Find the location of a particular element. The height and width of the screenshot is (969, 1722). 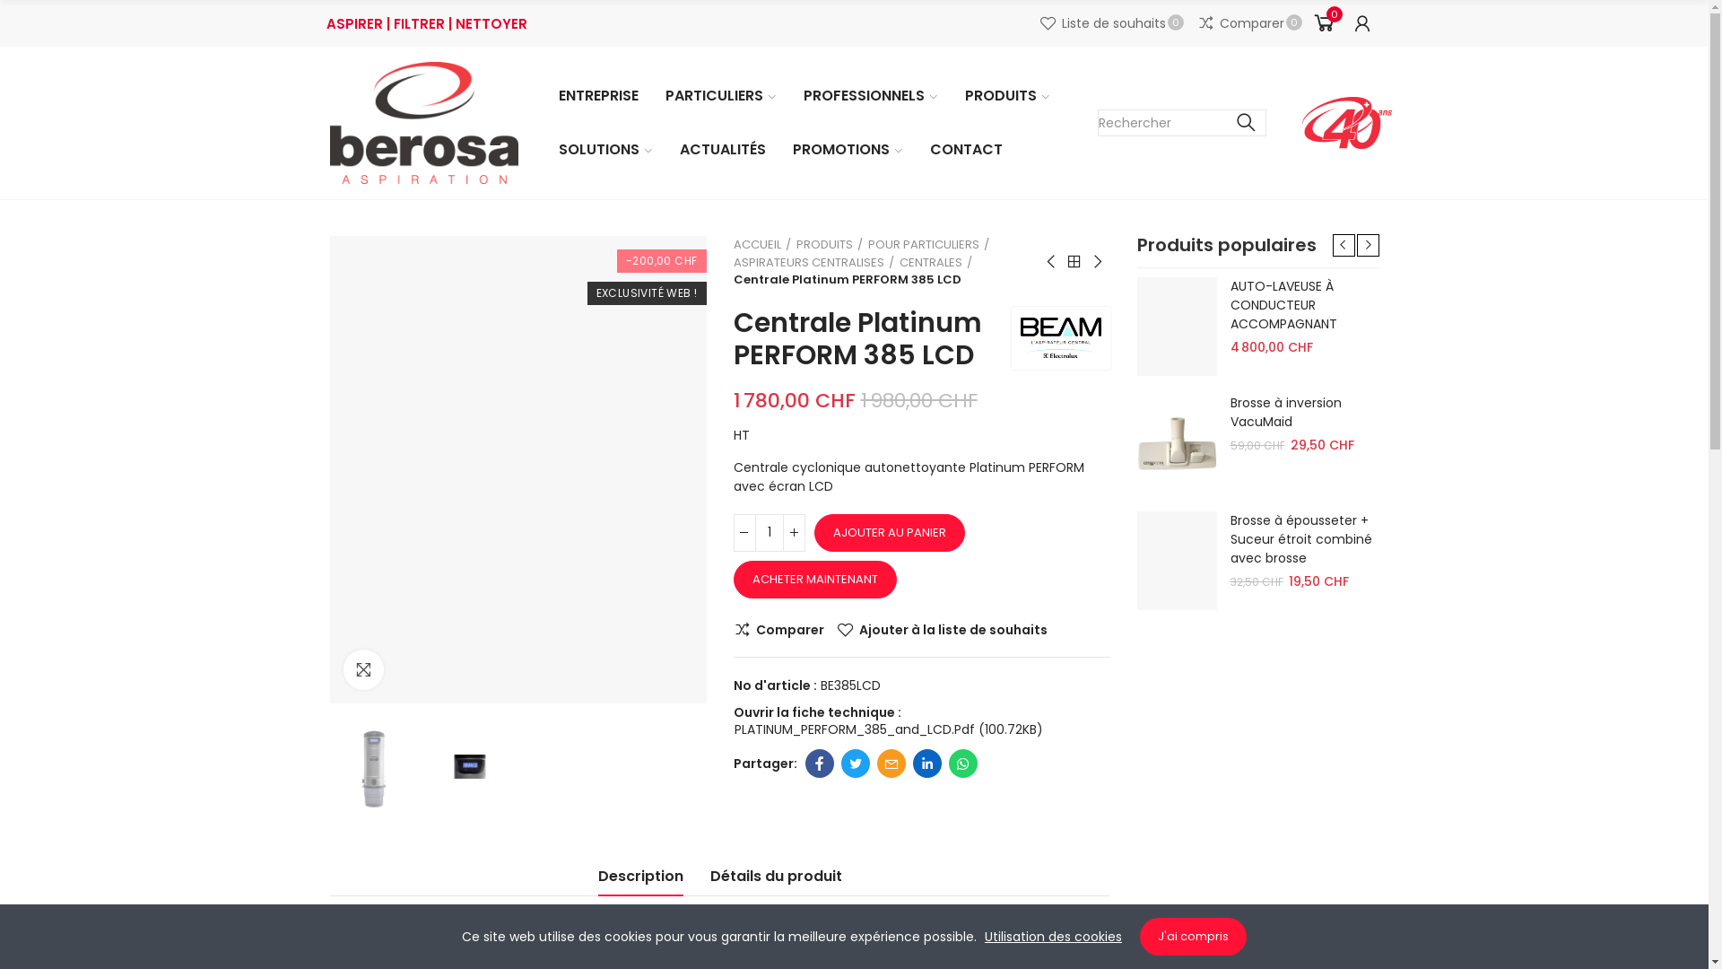

'PLATINUM_PERFORM_385_And_LCD.Pdf (100.72KB)' is located at coordinates (887, 729).